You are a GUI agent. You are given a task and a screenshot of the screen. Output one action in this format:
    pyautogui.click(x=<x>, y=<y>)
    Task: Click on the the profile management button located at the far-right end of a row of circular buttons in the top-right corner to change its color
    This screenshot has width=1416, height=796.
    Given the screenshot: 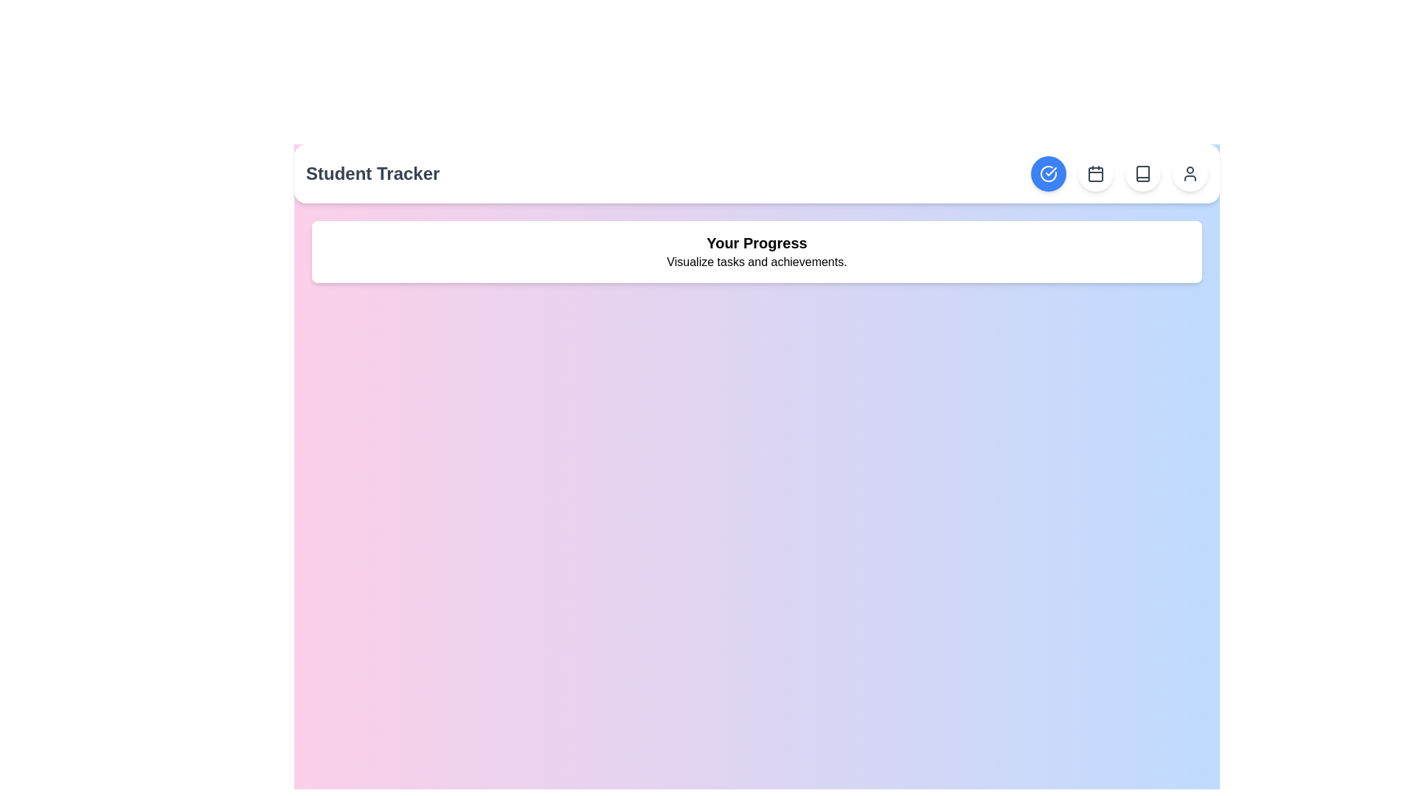 What is the action you would take?
    pyautogui.click(x=1190, y=172)
    